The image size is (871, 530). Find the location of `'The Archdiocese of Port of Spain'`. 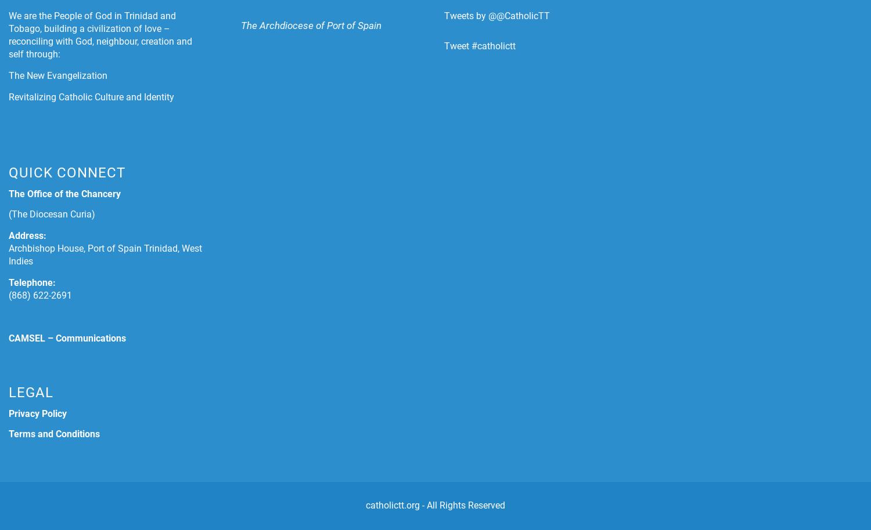

'The Archdiocese of Port of Spain' is located at coordinates (311, 25).